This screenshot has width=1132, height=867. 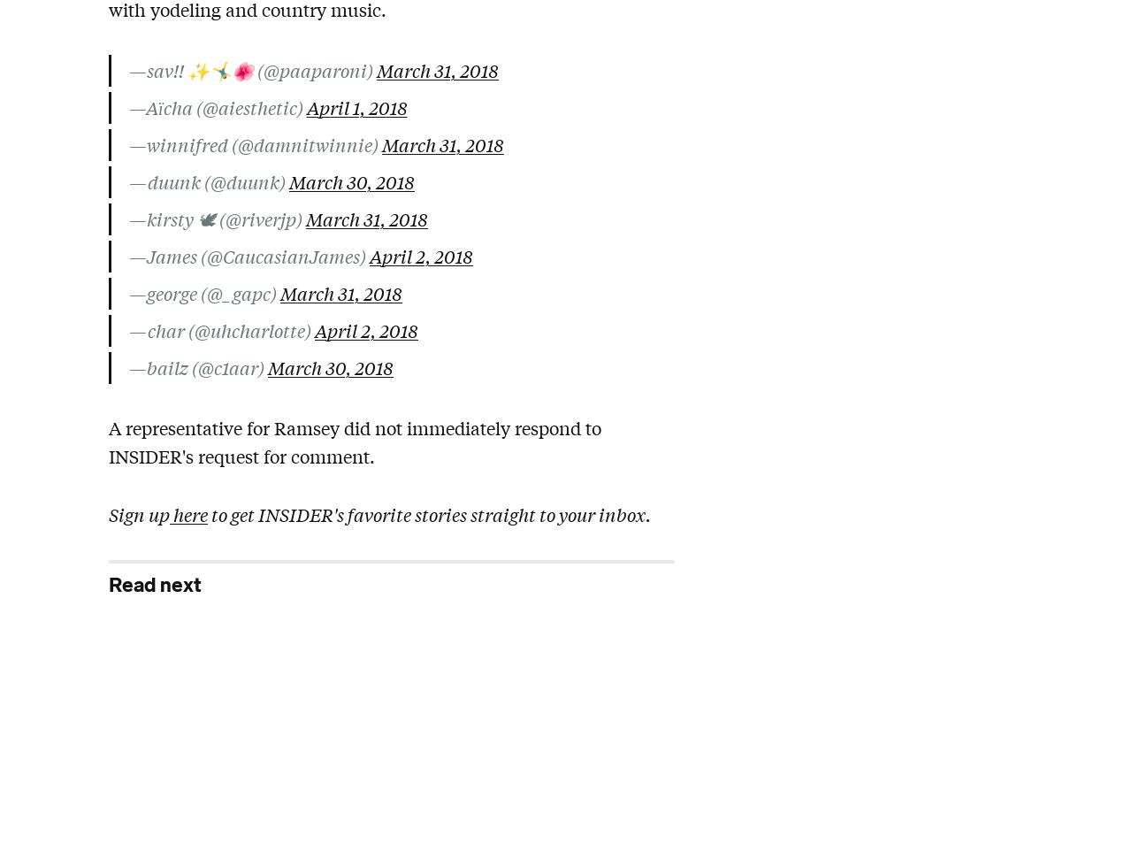 What do you see at coordinates (248, 255) in the screenshot?
I see `'—James  (@CaucasianJames)'` at bounding box center [248, 255].